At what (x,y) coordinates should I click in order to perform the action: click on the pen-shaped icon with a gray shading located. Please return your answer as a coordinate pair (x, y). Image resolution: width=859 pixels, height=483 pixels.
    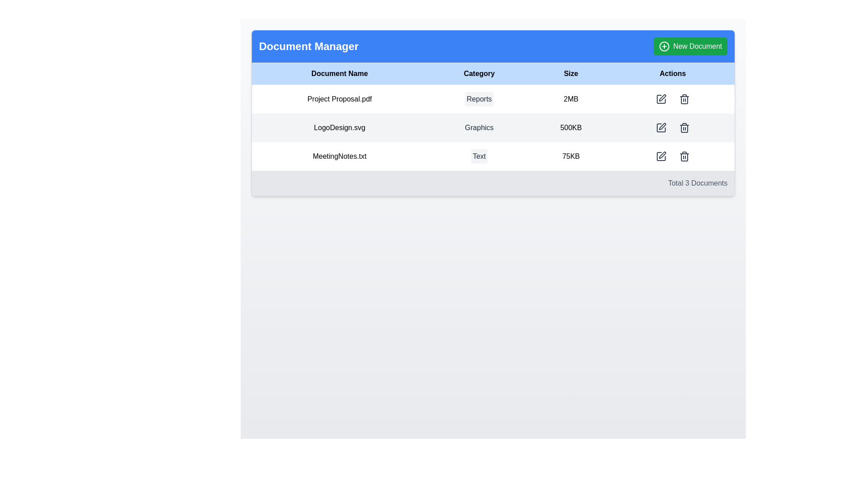
    Looking at the image, I should click on (661, 156).